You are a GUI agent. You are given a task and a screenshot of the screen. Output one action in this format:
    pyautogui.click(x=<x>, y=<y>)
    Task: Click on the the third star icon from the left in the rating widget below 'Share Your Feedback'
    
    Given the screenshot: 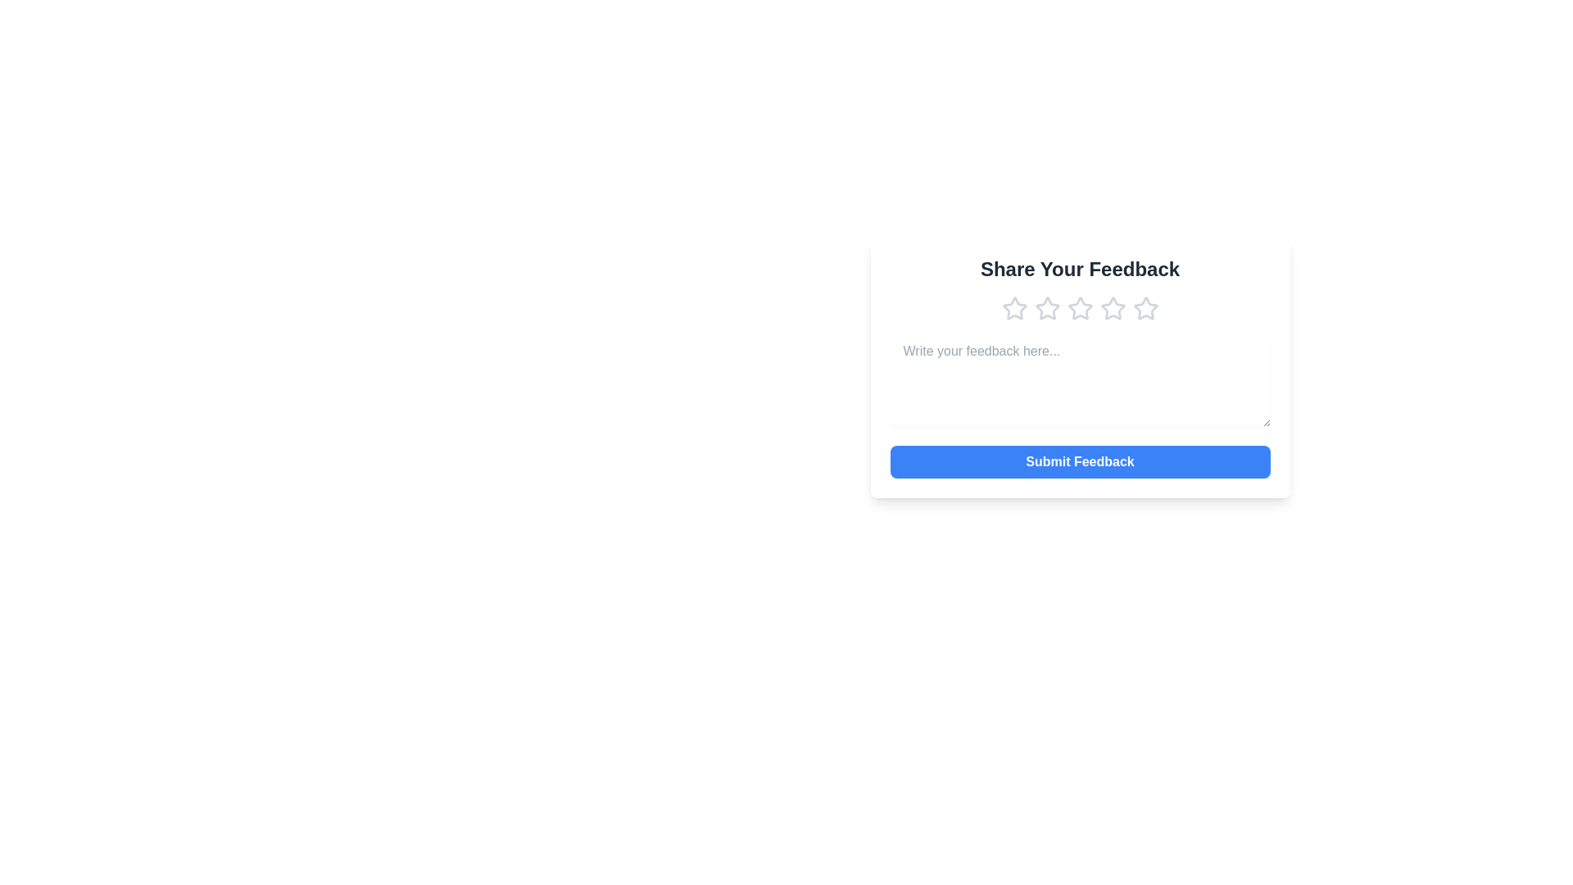 What is the action you would take?
    pyautogui.click(x=1080, y=308)
    